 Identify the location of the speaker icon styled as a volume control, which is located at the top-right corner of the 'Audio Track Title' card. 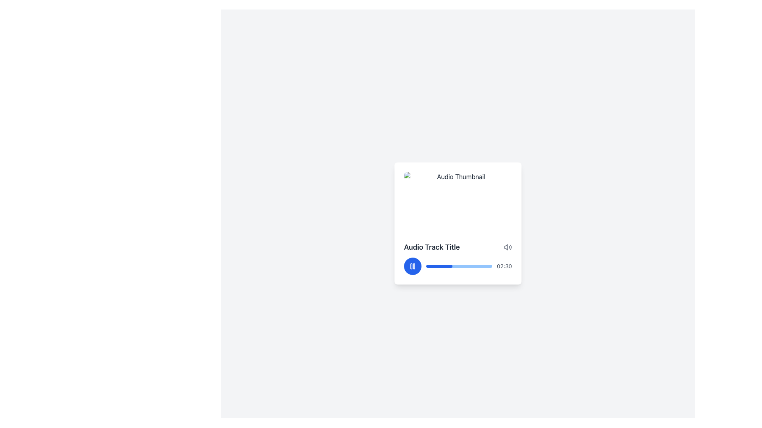
(508, 247).